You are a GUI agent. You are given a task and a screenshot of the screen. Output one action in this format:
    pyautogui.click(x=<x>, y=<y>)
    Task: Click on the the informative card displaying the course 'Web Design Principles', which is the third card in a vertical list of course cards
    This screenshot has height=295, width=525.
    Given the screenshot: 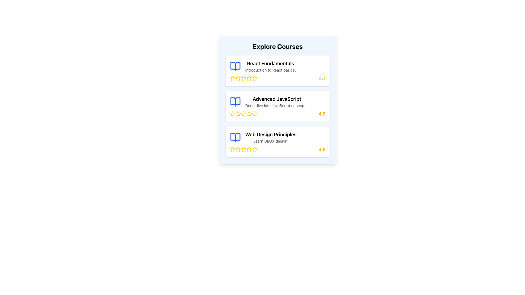 What is the action you would take?
    pyautogui.click(x=278, y=141)
    